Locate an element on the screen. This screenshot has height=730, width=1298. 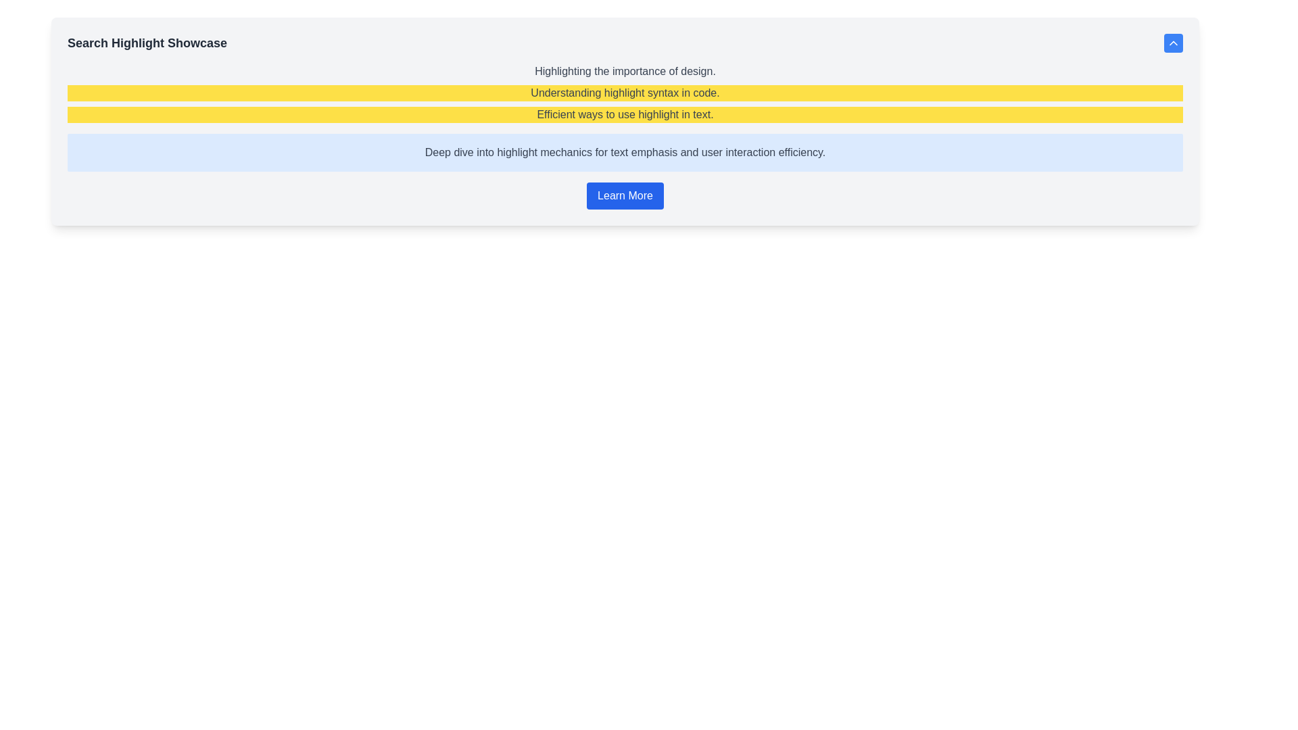
the upward-facing chevron icon, which is a minimalist white arrow on a blue circular background located at the top-right corner of the main interface card is located at coordinates (1173, 43).